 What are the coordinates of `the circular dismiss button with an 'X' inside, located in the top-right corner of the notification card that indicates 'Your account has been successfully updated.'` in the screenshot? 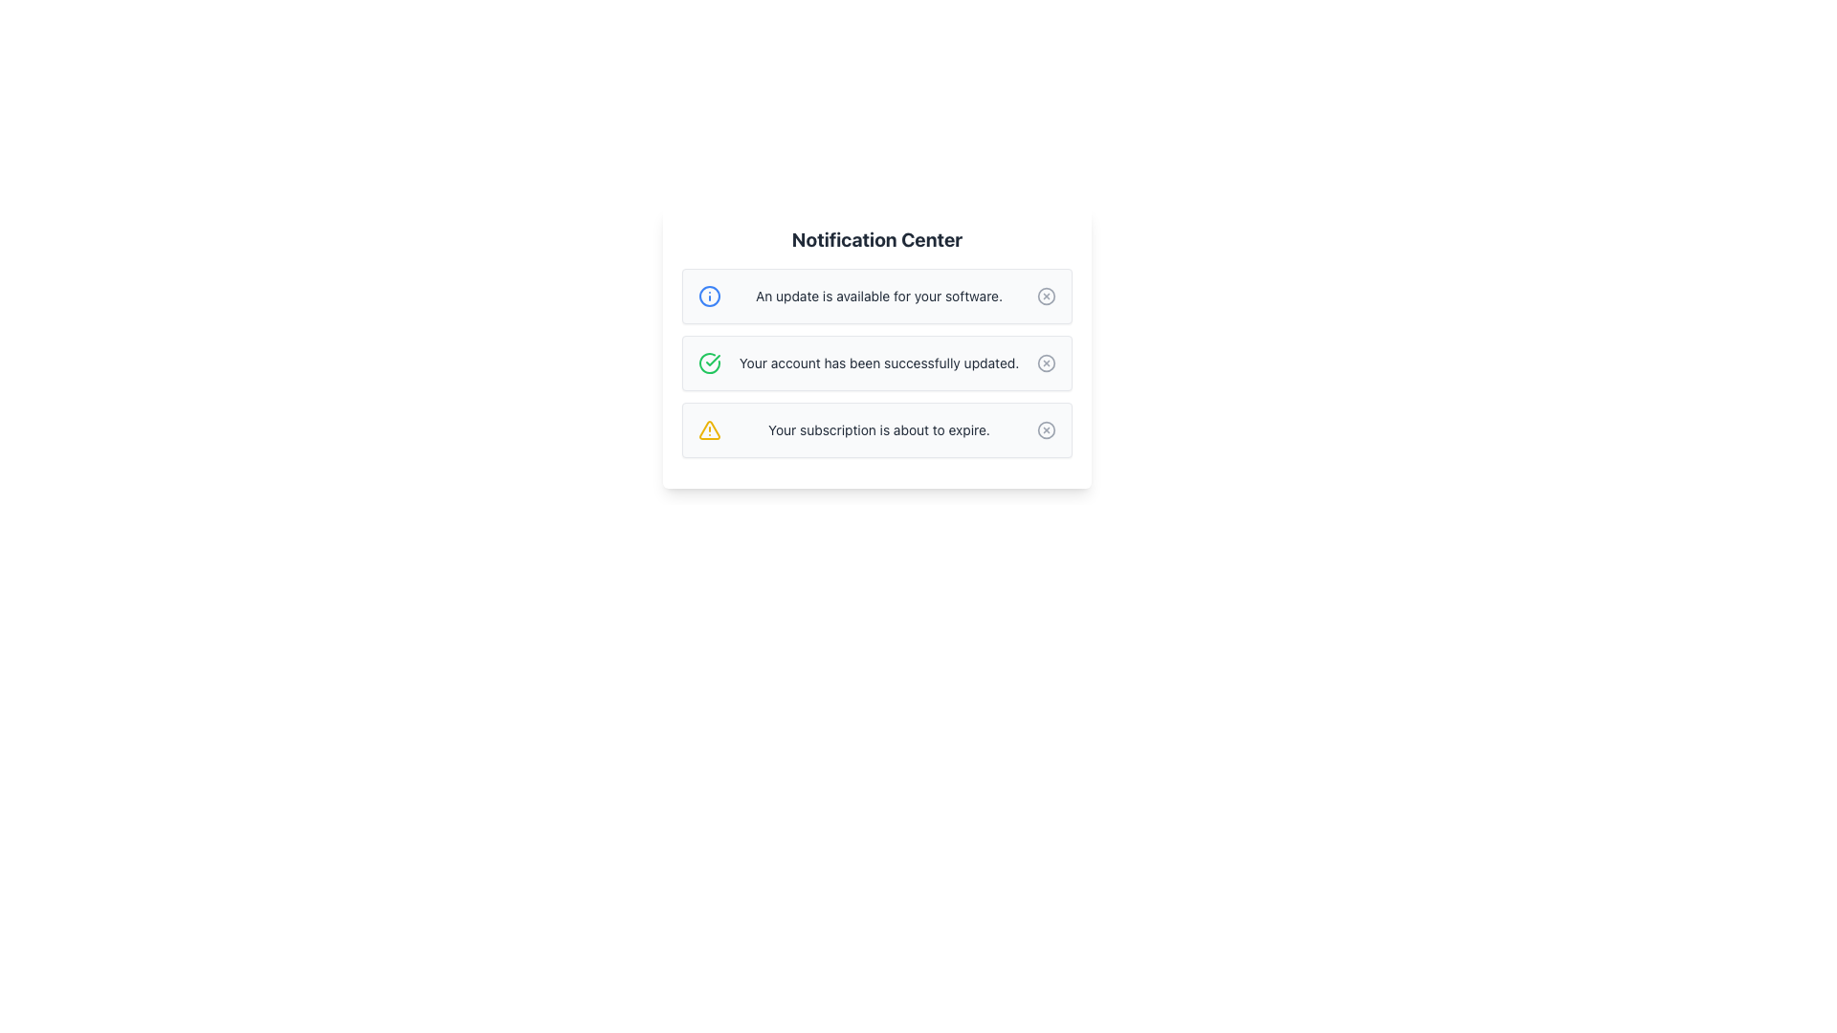 It's located at (1046, 363).